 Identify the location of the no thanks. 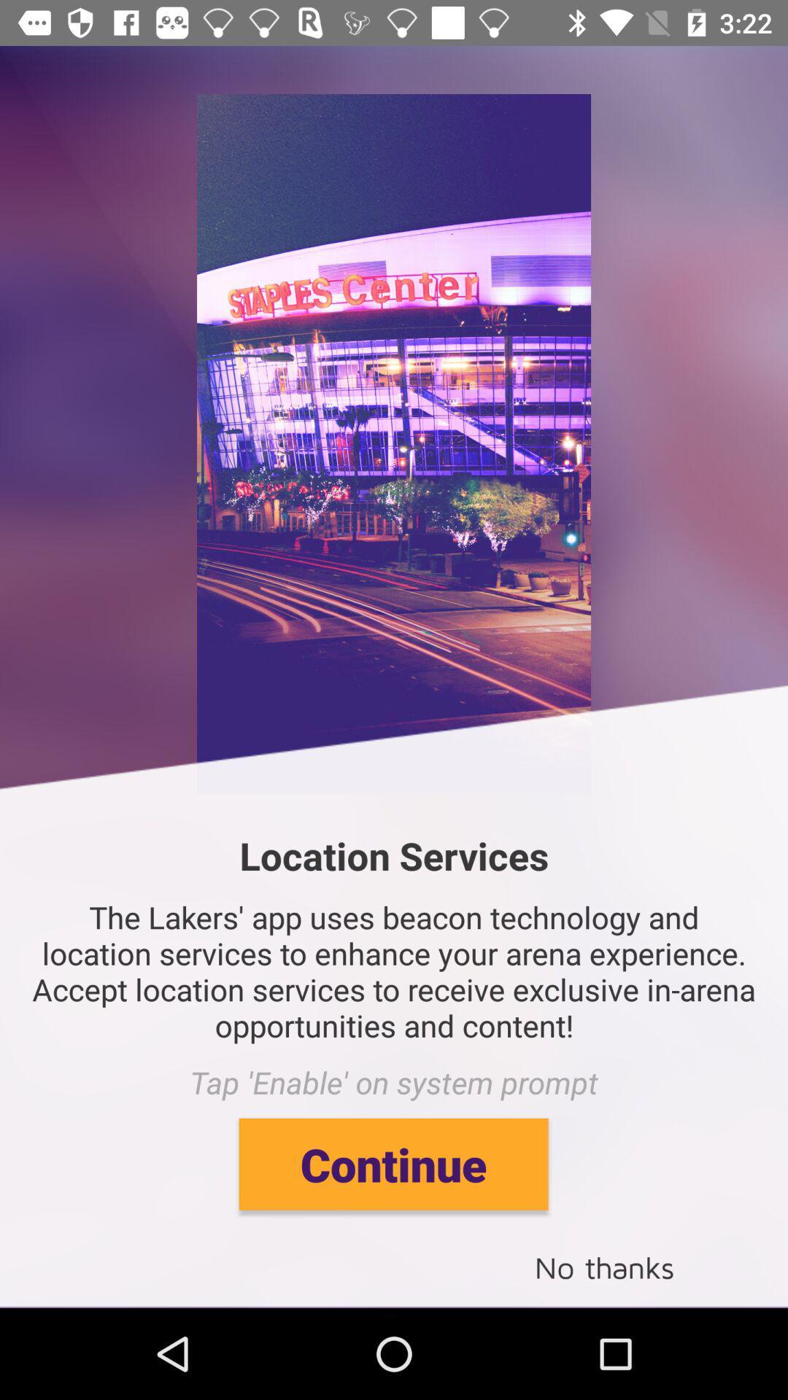
(604, 1266).